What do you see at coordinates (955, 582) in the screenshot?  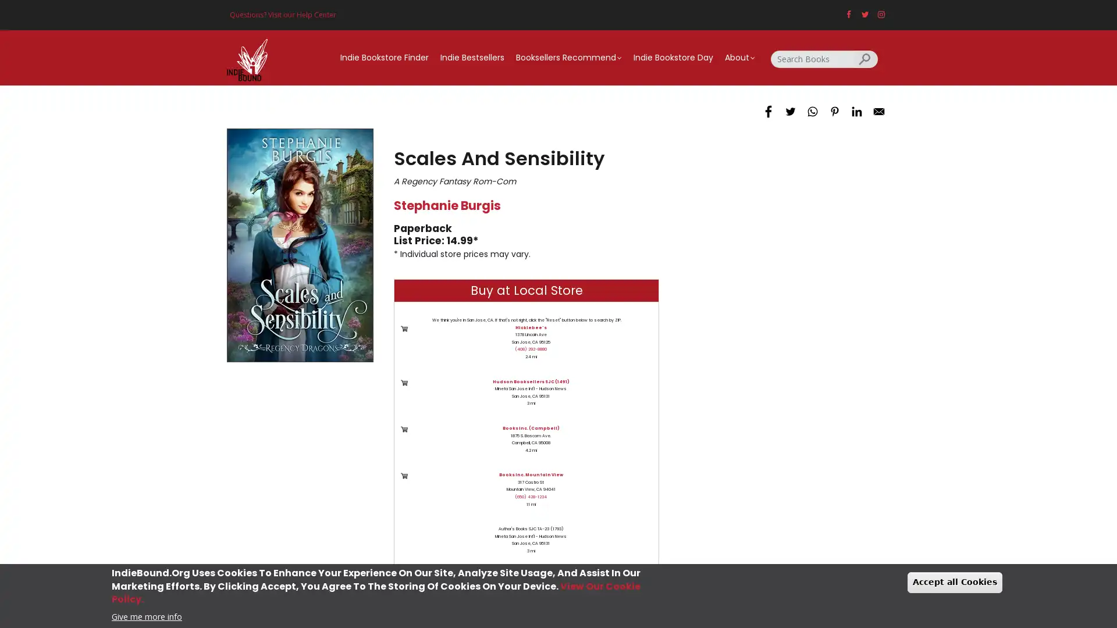 I see `Accept all Cookies` at bounding box center [955, 582].